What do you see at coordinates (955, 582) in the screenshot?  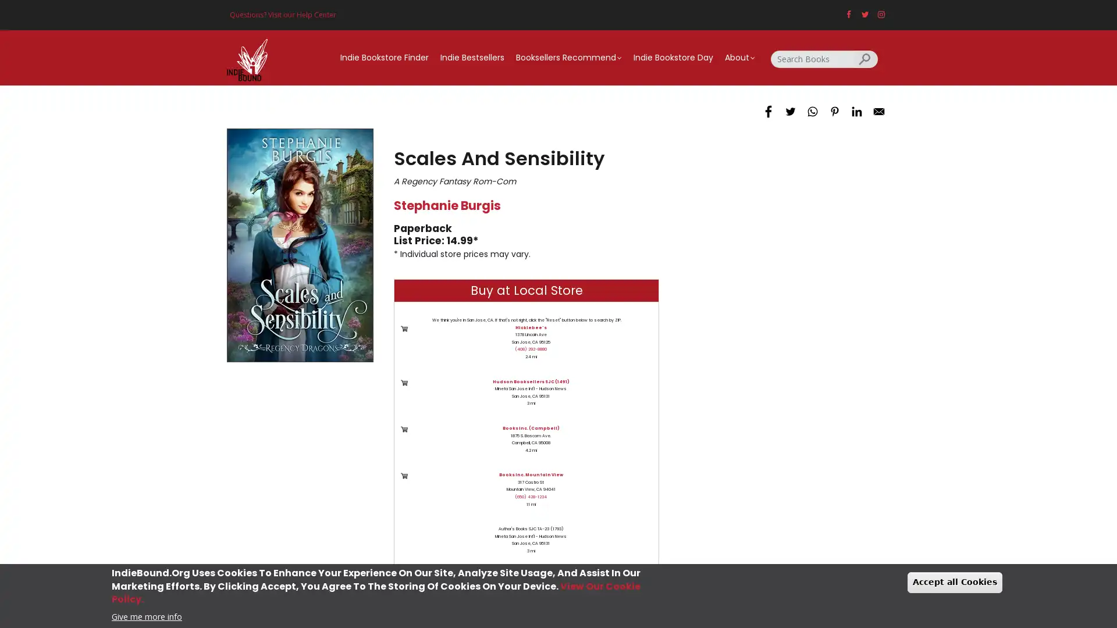 I see `Accept all Cookies` at bounding box center [955, 582].